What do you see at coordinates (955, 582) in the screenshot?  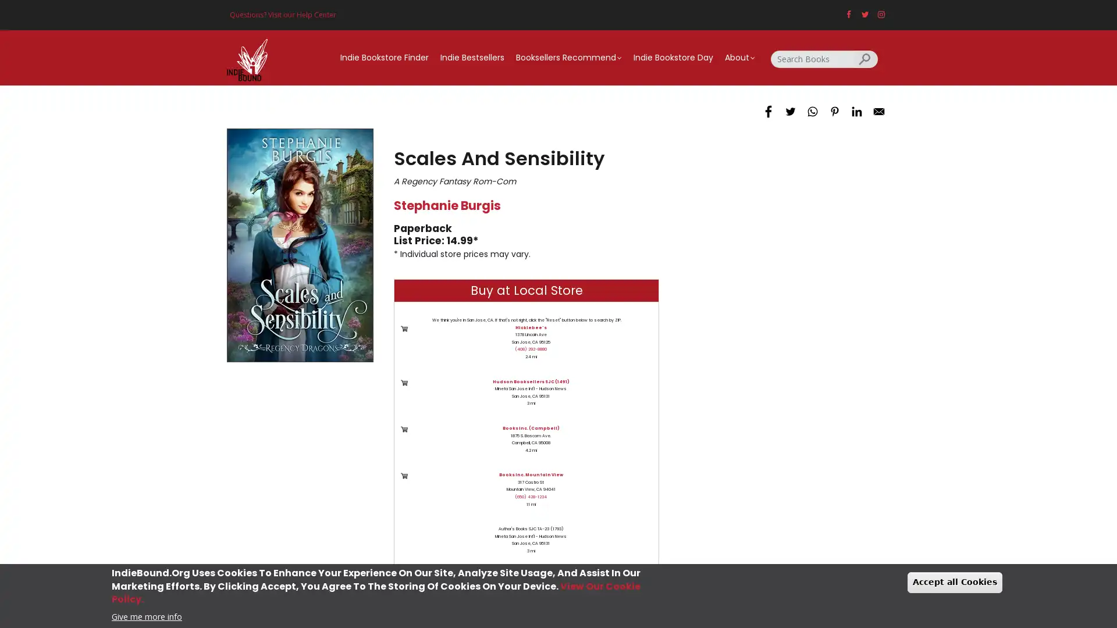 I see `Accept all Cookies` at bounding box center [955, 582].